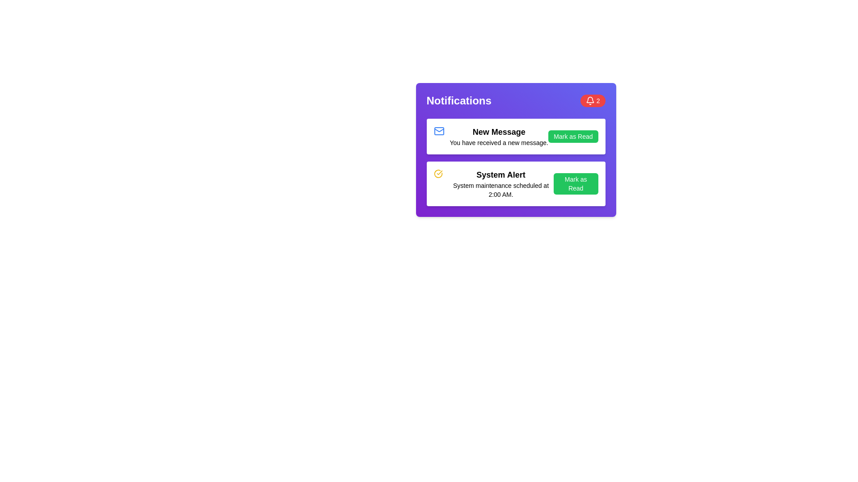  Describe the element at coordinates (590, 100) in the screenshot. I see `the notification bell icon located in the top-right corner of the notification panel, which indicates the presence of alerts or notifications` at that location.